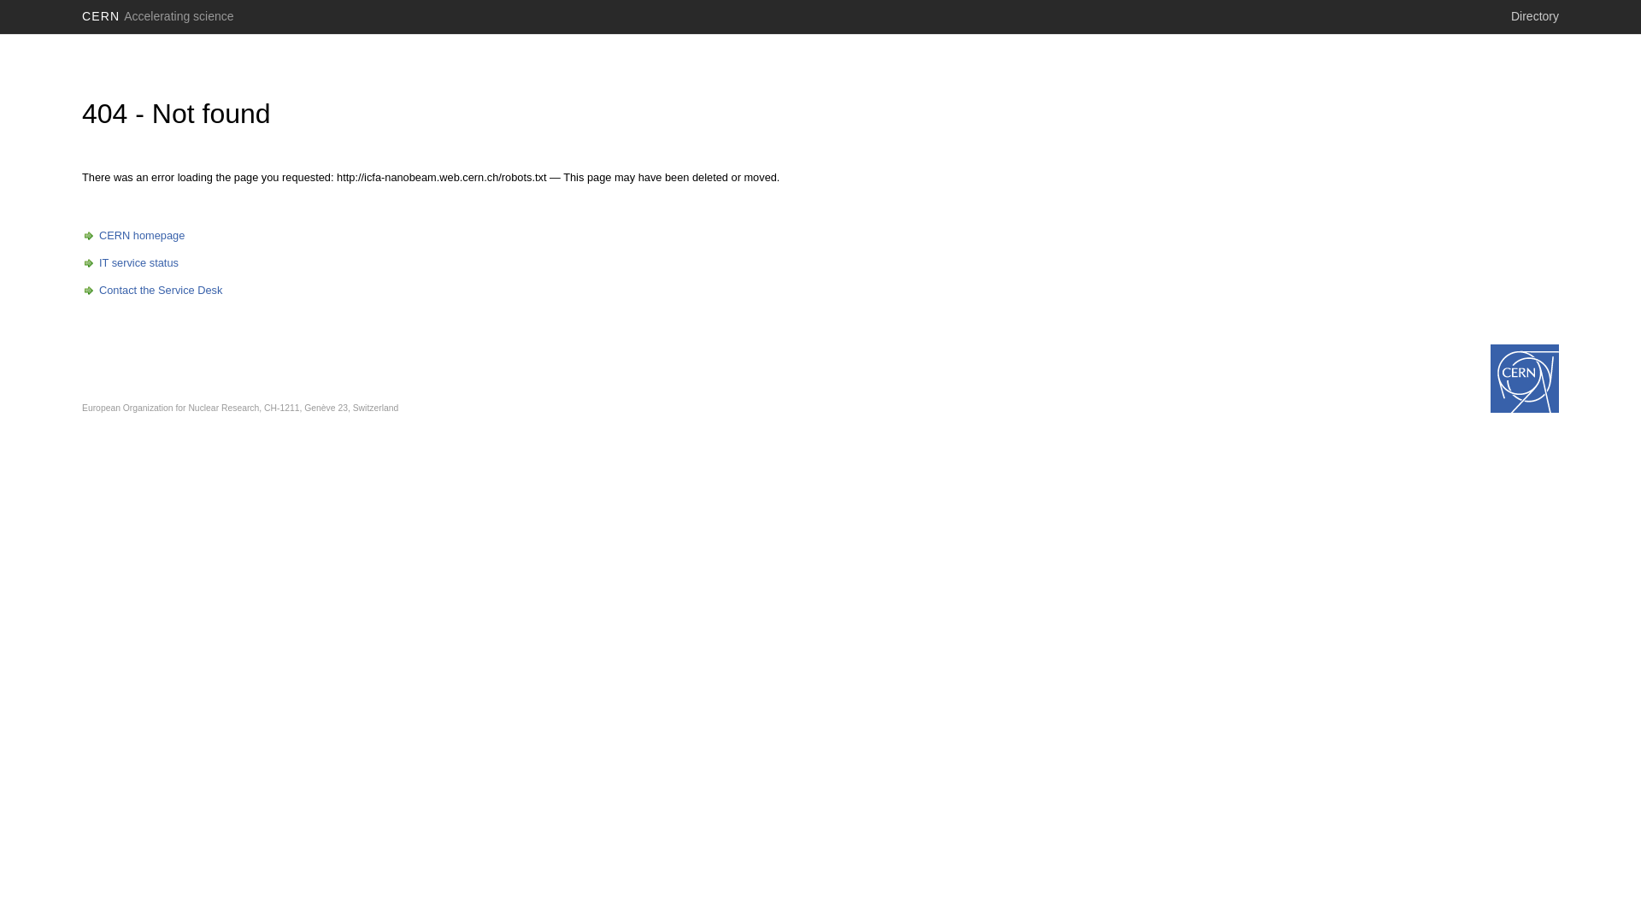 The width and height of the screenshot is (1641, 923). I want to click on 'CERN homepage', so click(81, 235).